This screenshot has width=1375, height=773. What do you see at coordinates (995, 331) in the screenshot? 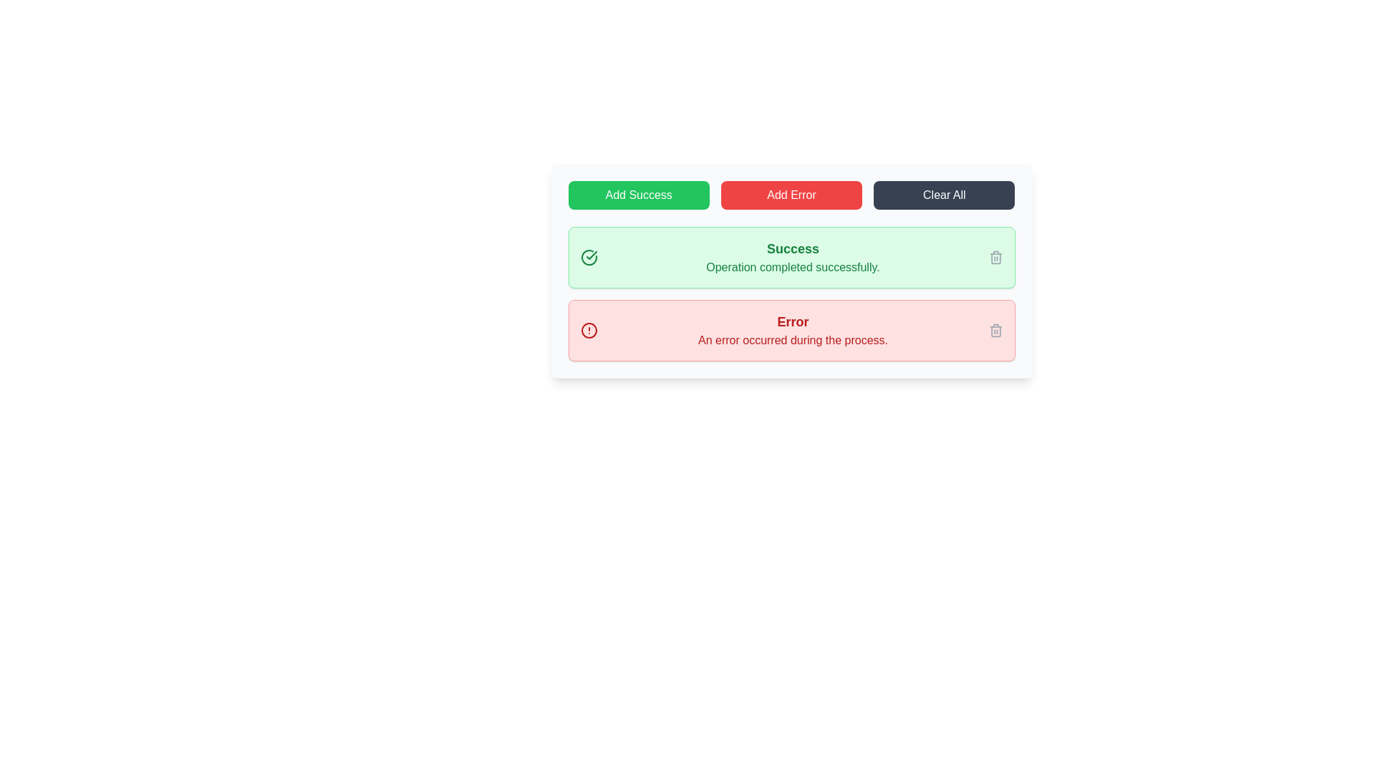
I see `the icon button located at the far right of the error notification area` at bounding box center [995, 331].